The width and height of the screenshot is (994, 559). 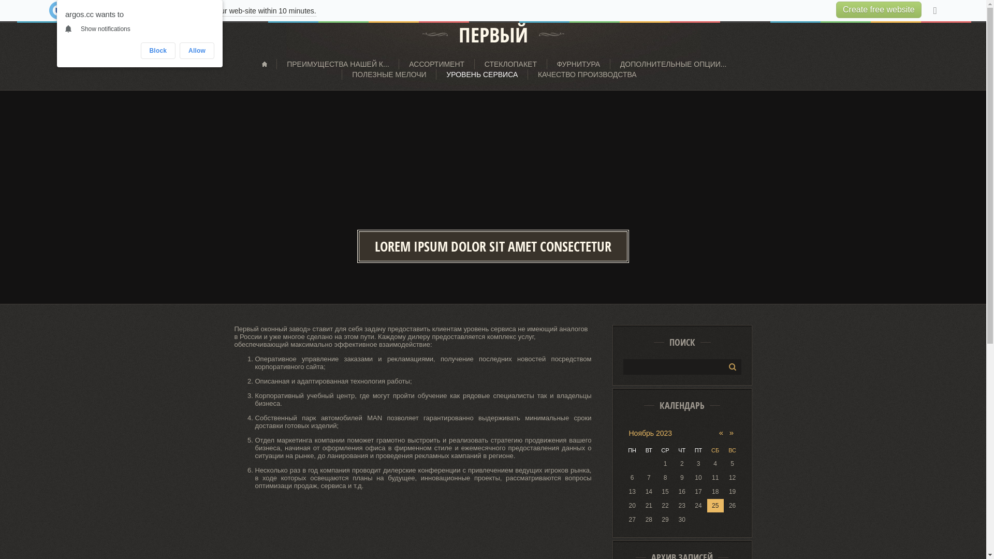 I want to click on 'Allow', so click(x=197, y=50).